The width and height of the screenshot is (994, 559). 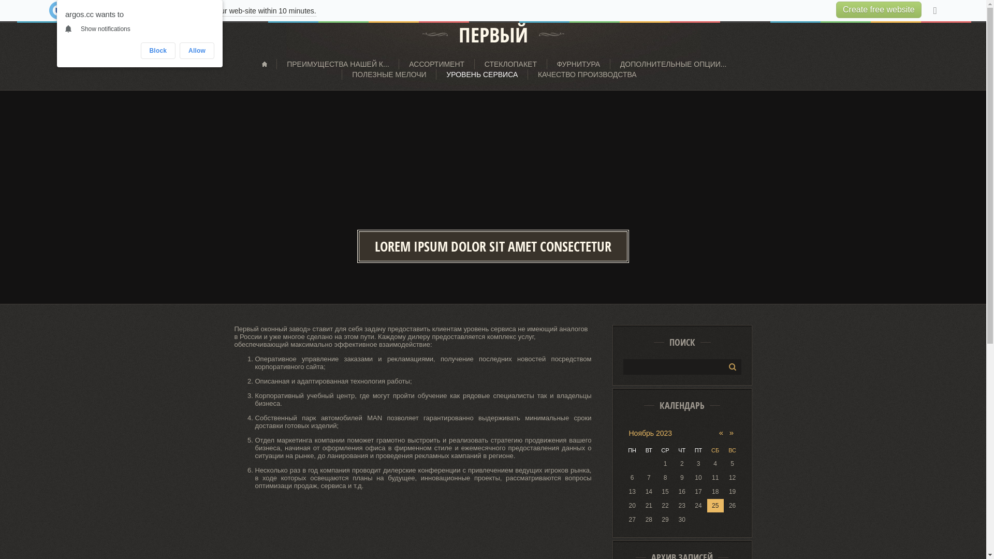 I want to click on 'Allow', so click(x=197, y=50).